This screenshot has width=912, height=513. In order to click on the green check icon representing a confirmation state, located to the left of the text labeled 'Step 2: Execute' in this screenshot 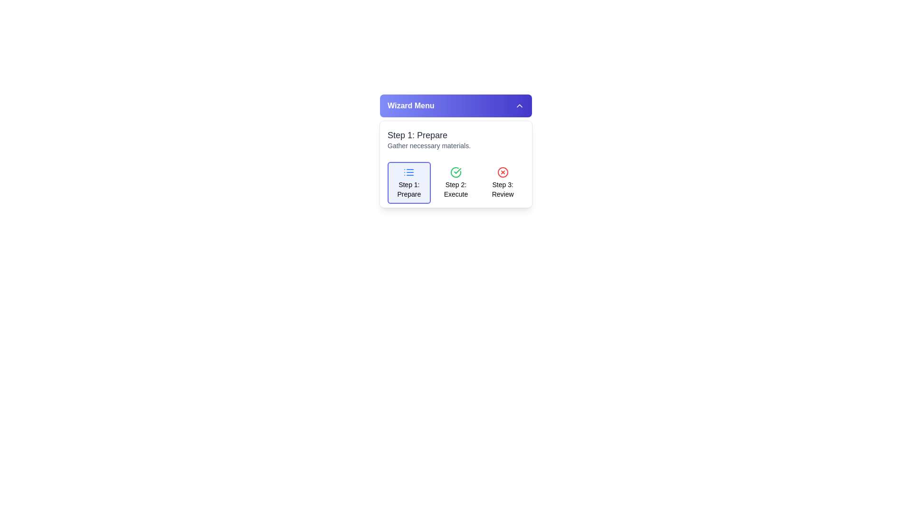, I will do `click(457, 170)`.